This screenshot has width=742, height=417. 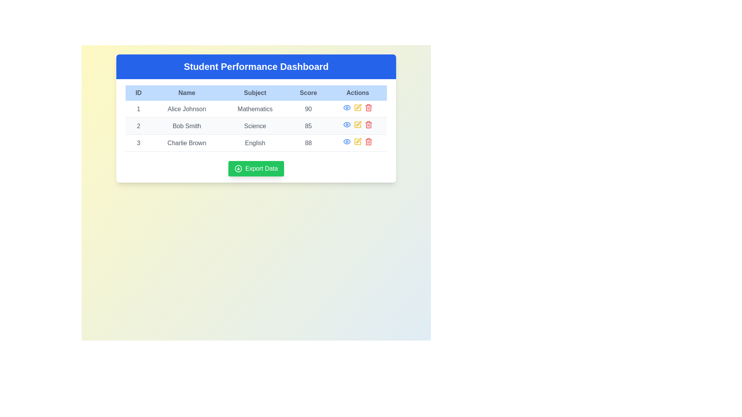 I want to click on the cell data of the second row in the student performance table, which contains the ID '2', Name 'Bob Smith', Subject 'Science', and Score '85', so click(x=256, y=125).